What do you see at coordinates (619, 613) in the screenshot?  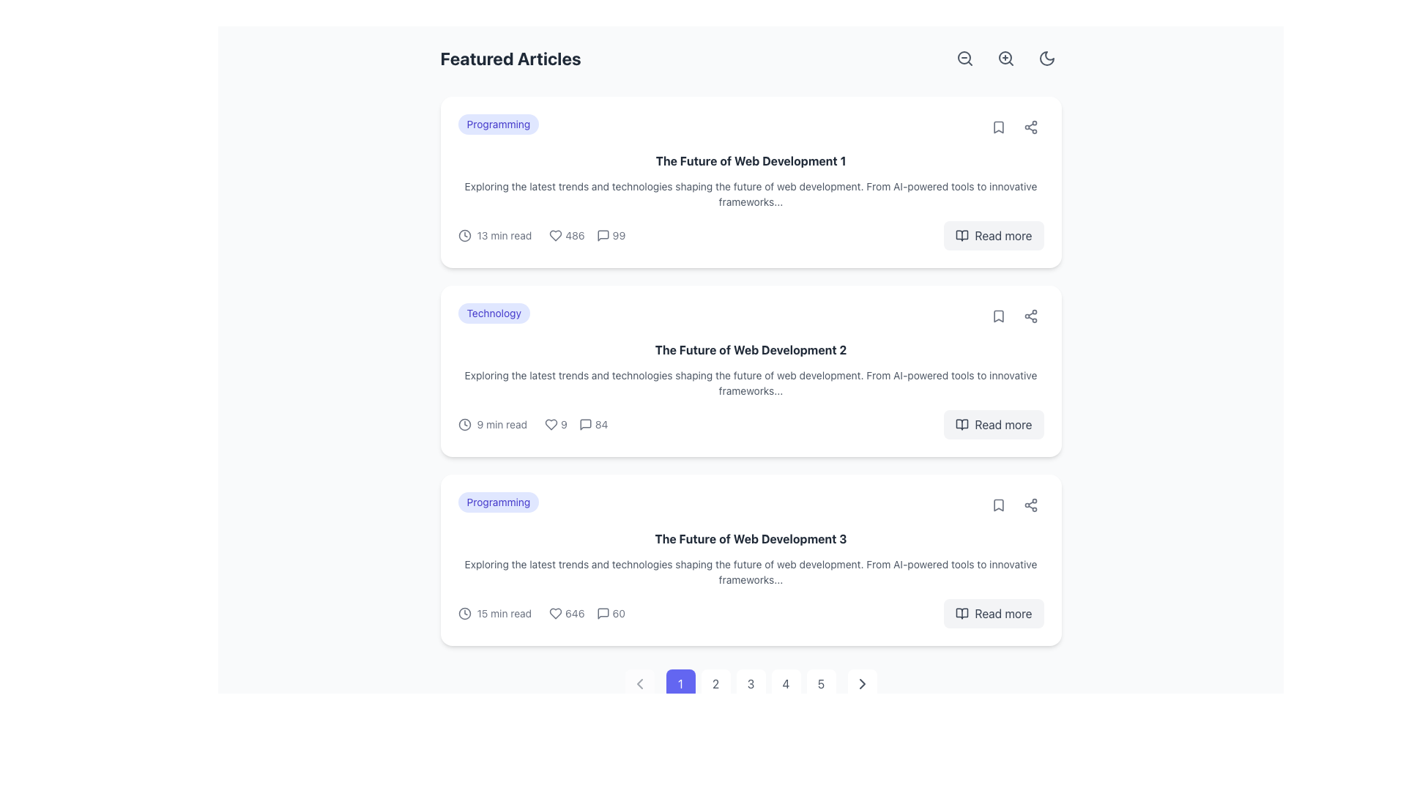 I see `the Text label indicating a numeric value located in the third article card, which is positioned below the main content and title of the article` at bounding box center [619, 613].